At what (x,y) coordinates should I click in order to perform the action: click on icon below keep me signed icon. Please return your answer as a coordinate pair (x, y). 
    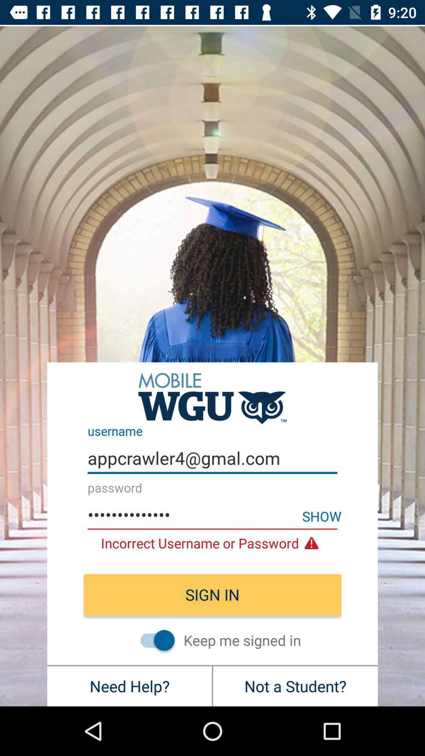
    Looking at the image, I should click on (295, 686).